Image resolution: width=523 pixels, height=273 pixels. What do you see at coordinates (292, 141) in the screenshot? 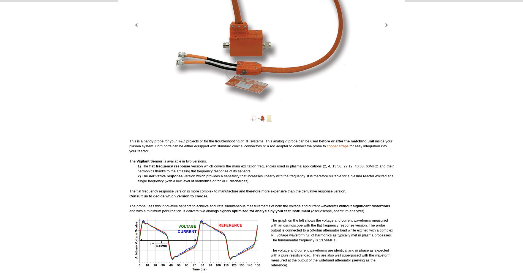
I see `'This analog vi probe can be
    used'` at bounding box center [292, 141].